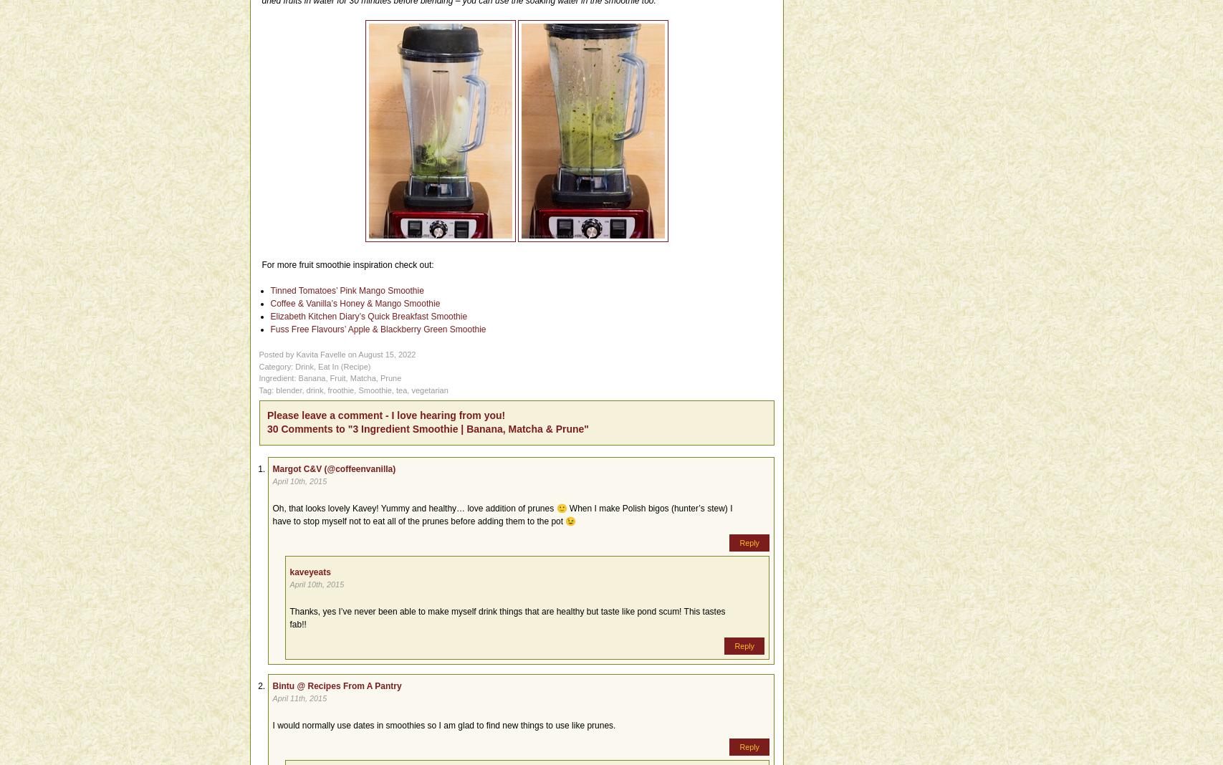 This screenshot has width=1223, height=765. What do you see at coordinates (315, 389) in the screenshot?
I see `'drink'` at bounding box center [315, 389].